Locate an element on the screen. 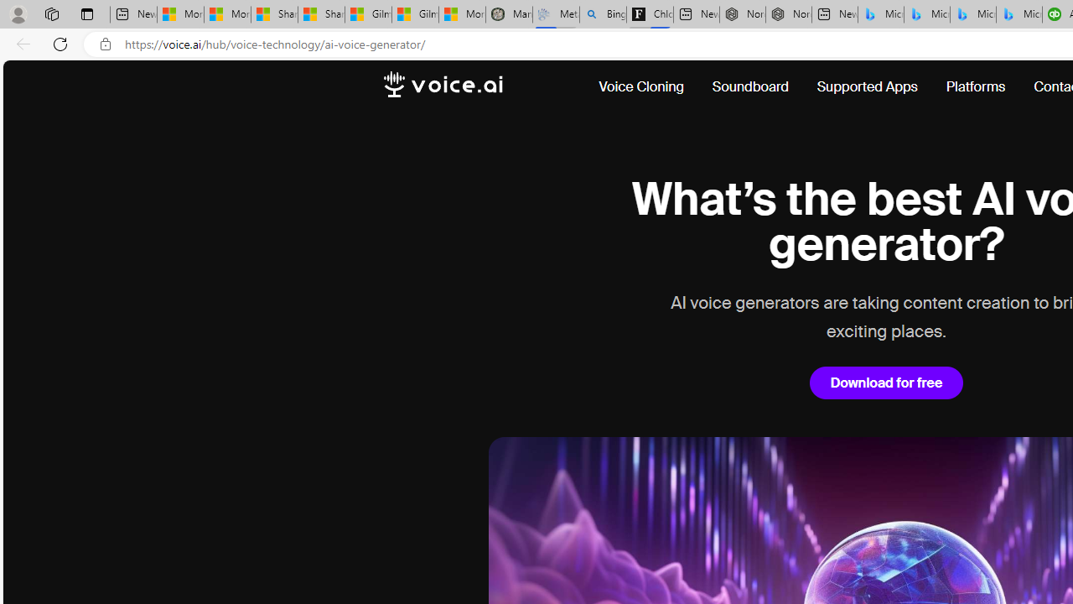 The width and height of the screenshot is (1073, 604). 'Platforms' is located at coordinates (976, 87).